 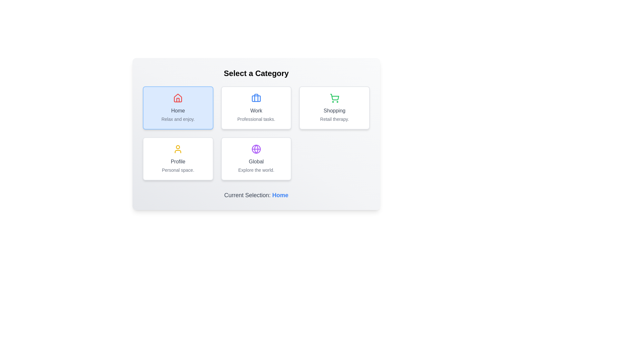 I want to click on the category button corresponding to Work, so click(x=256, y=108).